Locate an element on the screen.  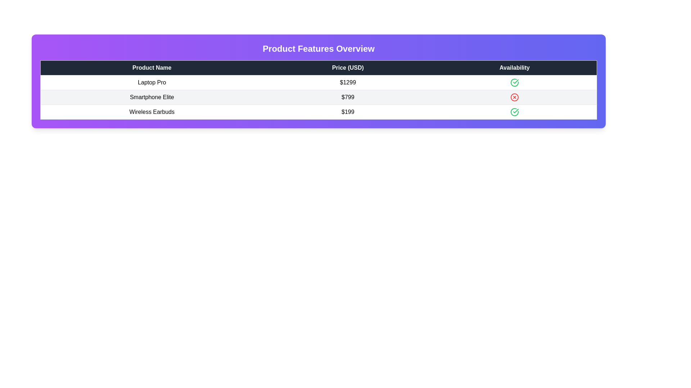
the green circular icon with a check mark in the third row under the 'Availability' column of the table is located at coordinates (514, 112).